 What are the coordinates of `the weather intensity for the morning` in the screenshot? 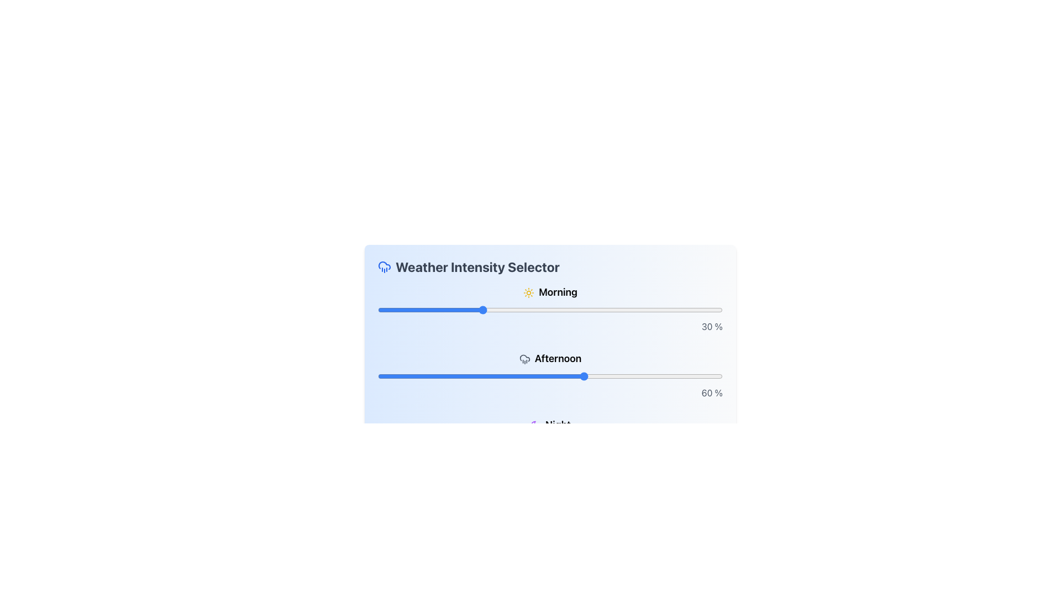 It's located at (543, 310).